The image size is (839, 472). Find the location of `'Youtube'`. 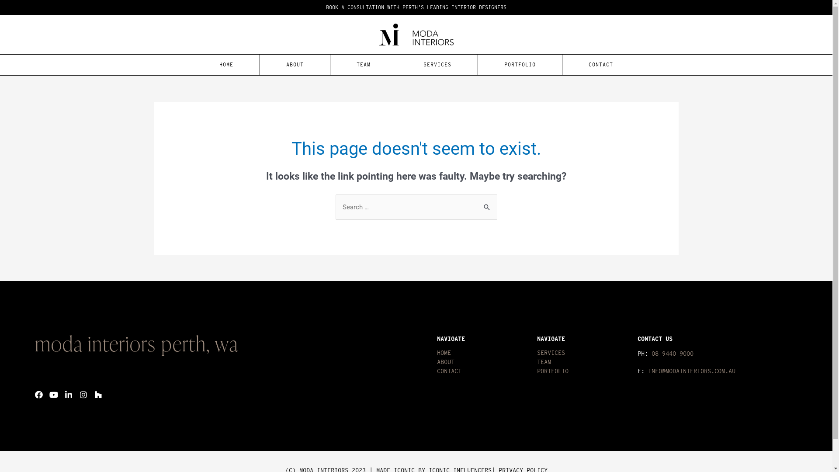

'Youtube' is located at coordinates (49, 394).